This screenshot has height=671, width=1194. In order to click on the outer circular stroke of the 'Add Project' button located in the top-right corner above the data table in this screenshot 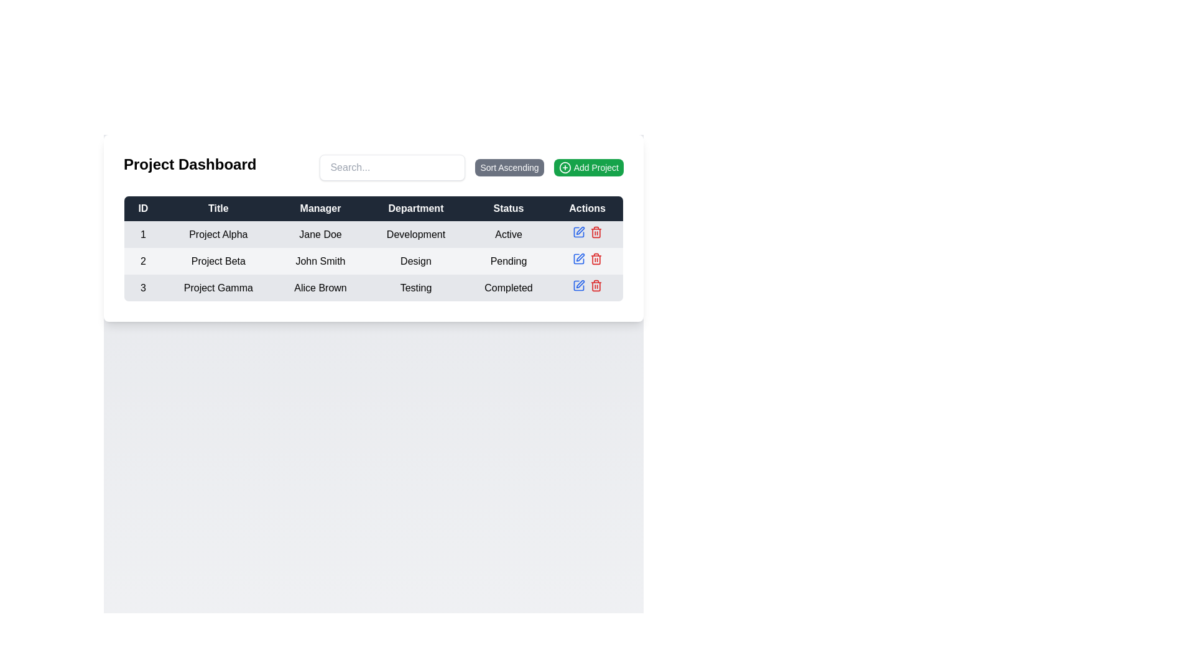, I will do `click(564, 168)`.